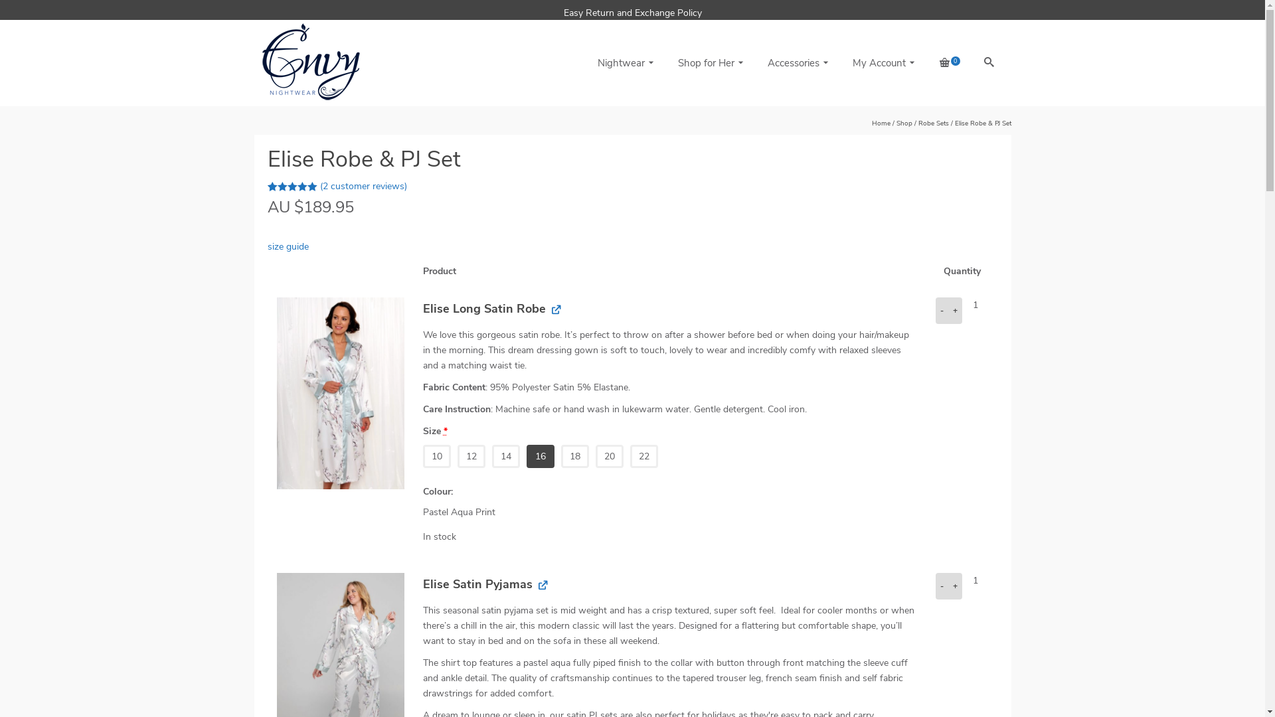 The width and height of the screenshot is (1275, 717). What do you see at coordinates (880, 123) in the screenshot?
I see `'Home'` at bounding box center [880, 123].